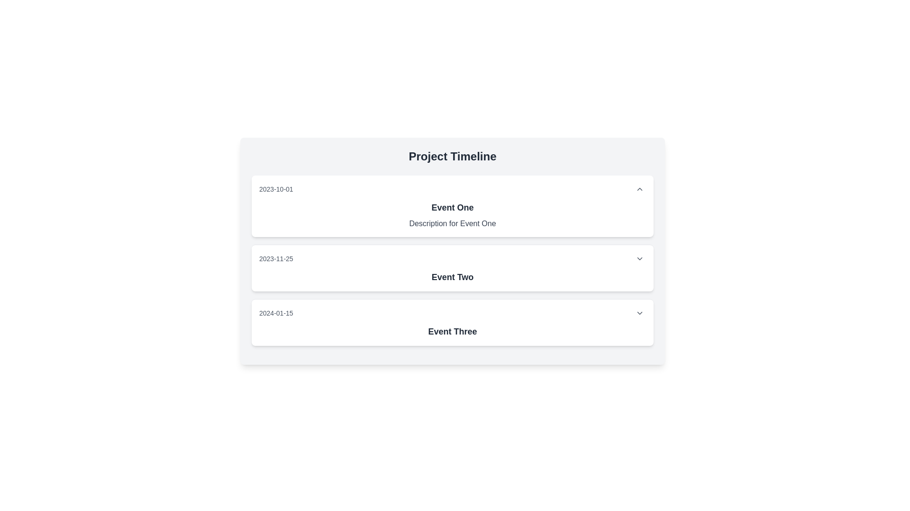 This screenshot has height=511, width=910. Describe the element at coordinates (639, 259) in the screenshot. I see `the toggle icon located at the right edge of the 'Event Two' card` at that location.